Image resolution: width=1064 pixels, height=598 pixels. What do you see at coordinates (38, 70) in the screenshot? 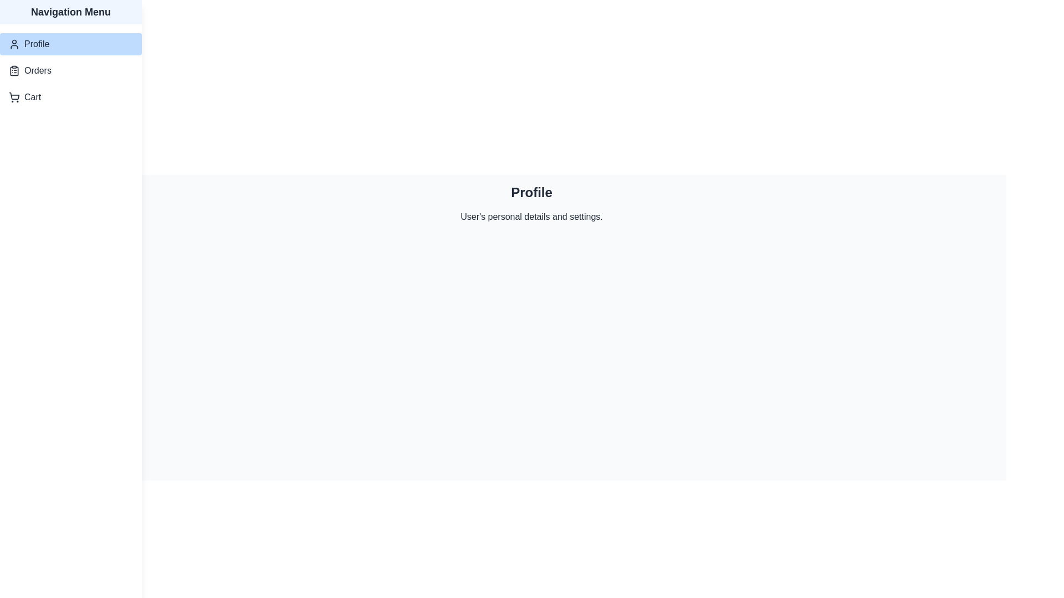
I see `the 'Orders' Text label located in the second section of the navigation menu, directly below the 'Profile' section` at bounding box center [38, 70].